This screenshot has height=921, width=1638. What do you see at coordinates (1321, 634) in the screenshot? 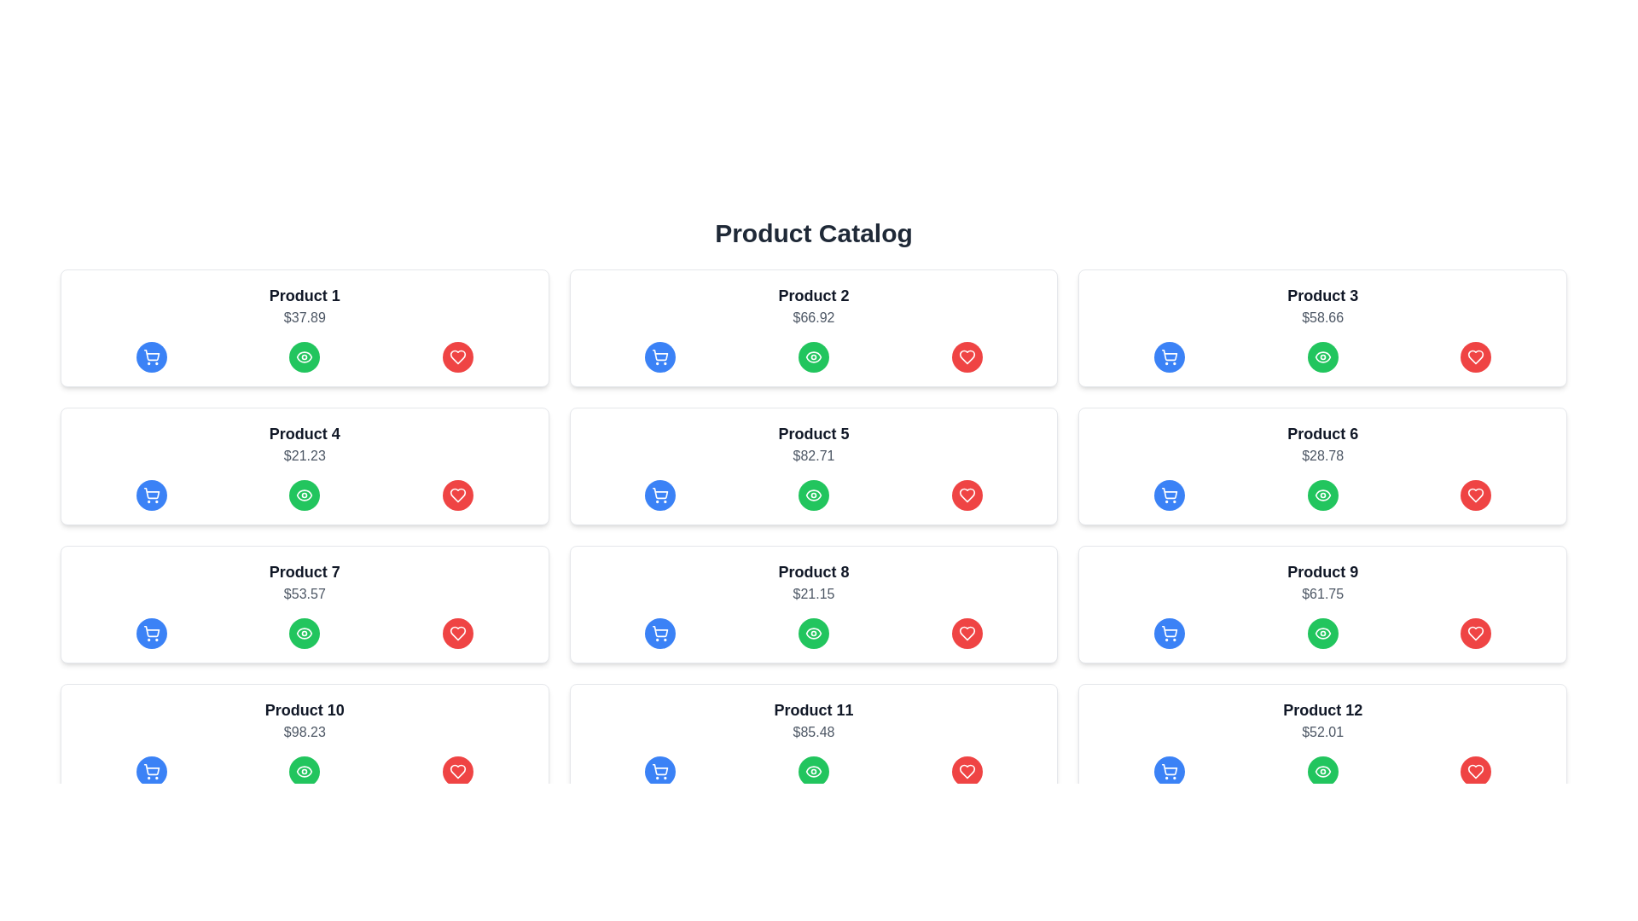
I see `the eye icon inside the green circular button in the 'Product 9' card to initiate a view or preview action` at bounding box center [1321, 634].